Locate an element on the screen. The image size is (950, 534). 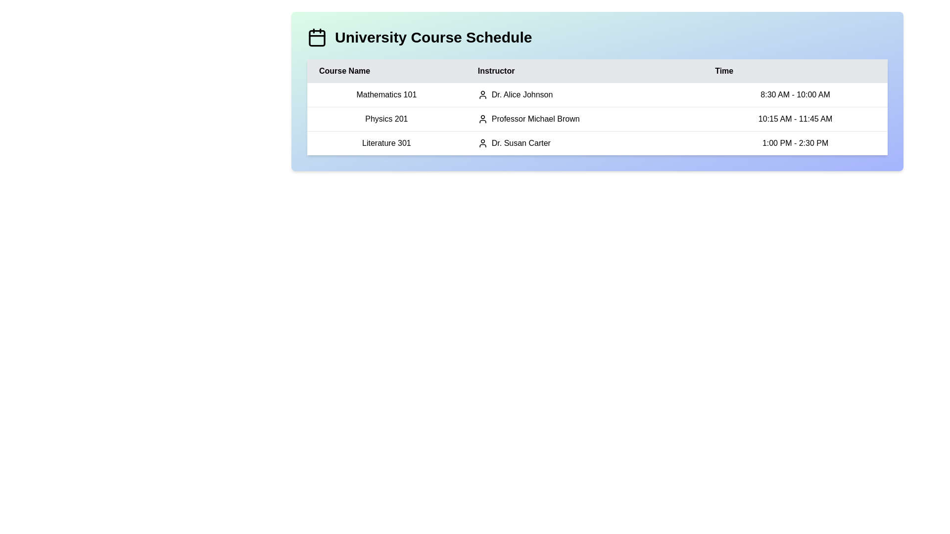
the instructor icon located in the 'Instructor' column of the first row in the course schedule table, which is positioned to the left of the text 'Dr. Alice Johnson' is located at coordinates (482, 95).